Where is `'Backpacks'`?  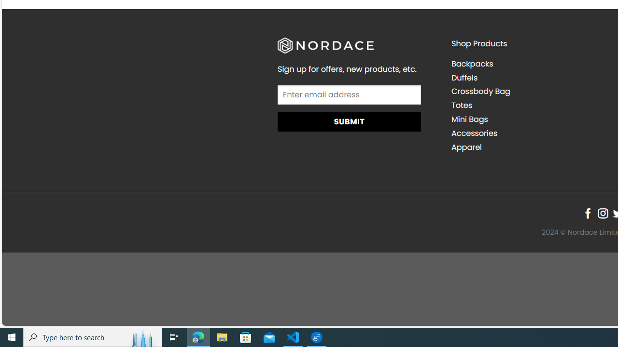 'Backpacks' is located at coordinates (472, 64).